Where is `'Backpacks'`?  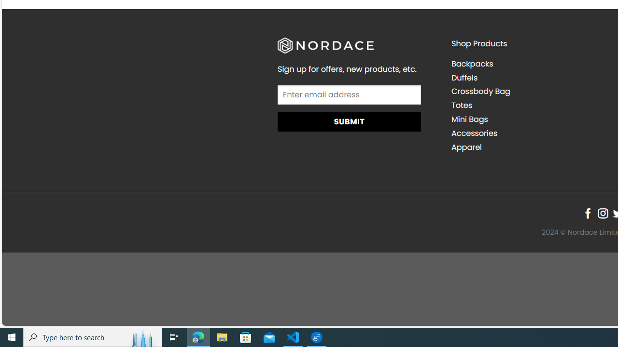 'Backpacks' is located at coordinates (472, 64).